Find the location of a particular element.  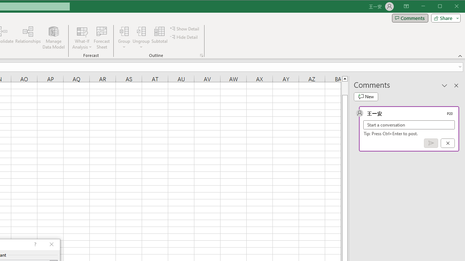

'Group and Outline Settings' is located at coordinates (201, 55).